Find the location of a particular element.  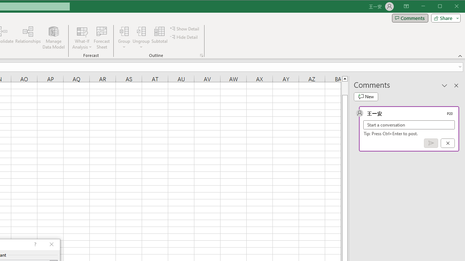

'Group and Outline Settings' is located at coordinates (201, 55).